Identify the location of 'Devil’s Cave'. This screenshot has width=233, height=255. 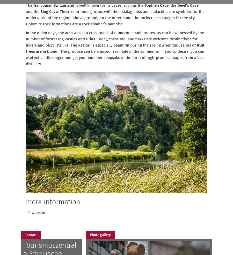
(188, 5).